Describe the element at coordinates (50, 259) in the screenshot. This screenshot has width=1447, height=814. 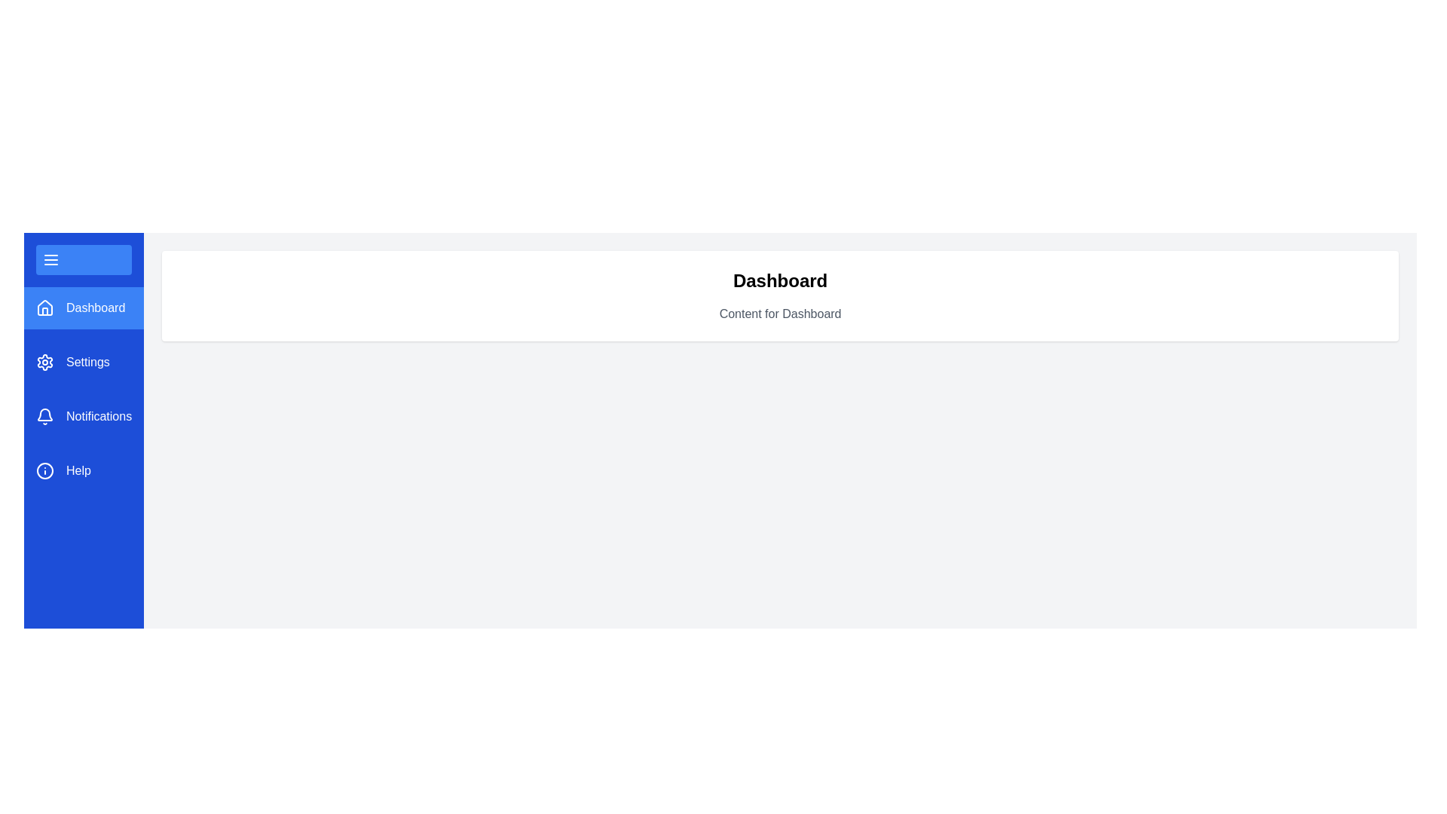
I see `the menu icon represented by three horizontal white lines on a blue background located at the top-left corner of the blue sidebar` at that location.